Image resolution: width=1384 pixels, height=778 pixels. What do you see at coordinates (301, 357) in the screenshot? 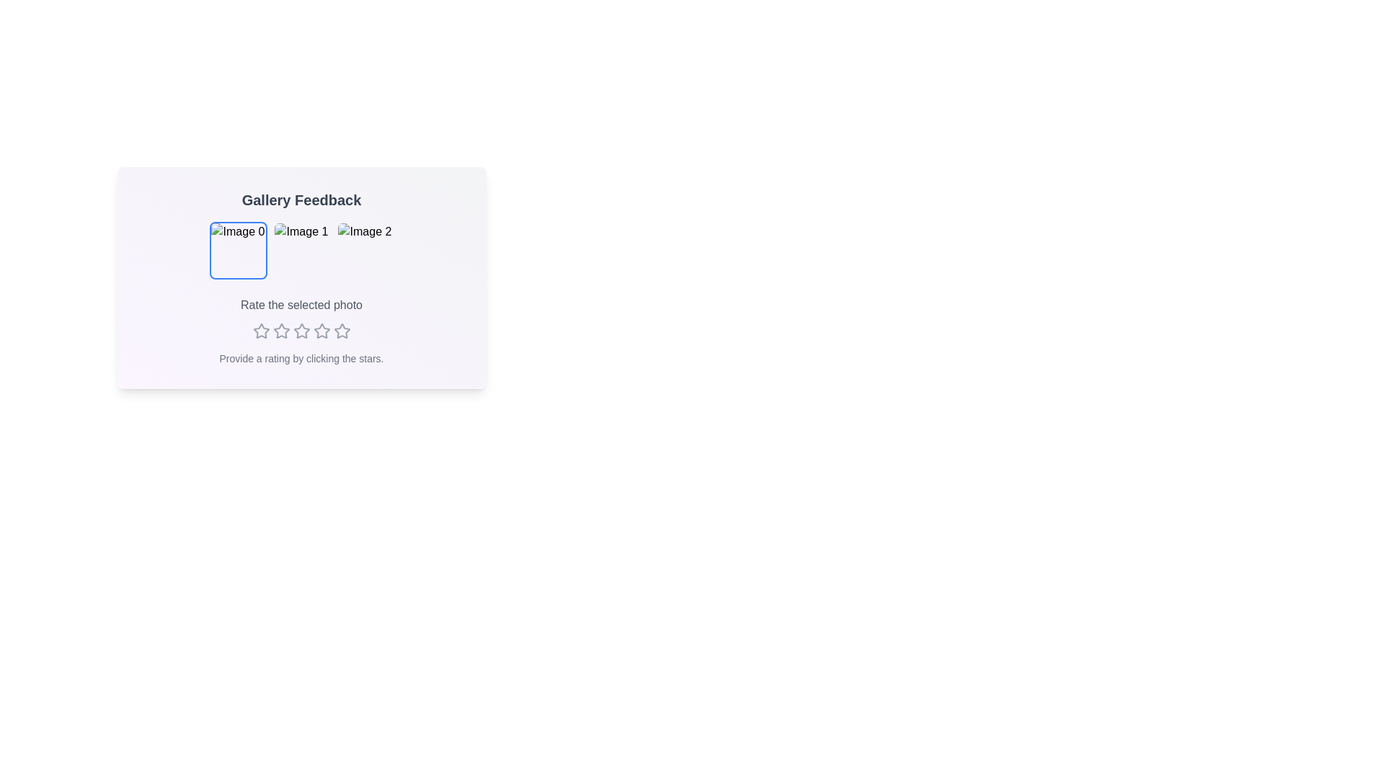
I see `the instructional static text label that guides users to provide their rating, located below the star icons in the center of the interface` at bounding box center [301, 357].